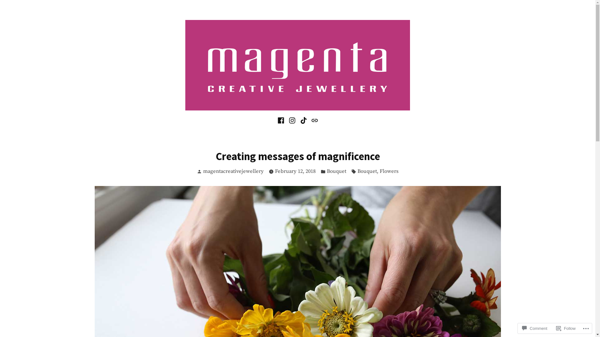 This screenshot has height=337, width=600. I want to click on 'February 12, 2018', so click(275, 172).